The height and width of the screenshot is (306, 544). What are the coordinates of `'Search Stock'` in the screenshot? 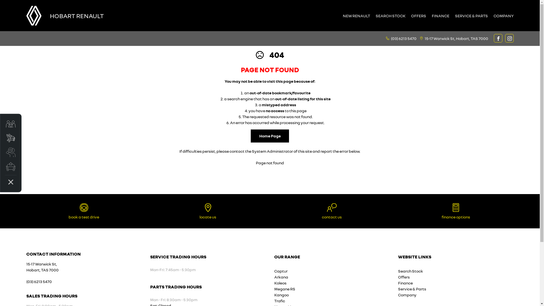 It's located at (411, 271).